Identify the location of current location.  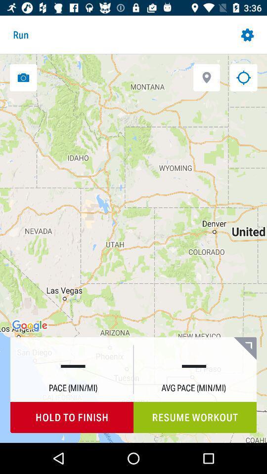
(243, 77).